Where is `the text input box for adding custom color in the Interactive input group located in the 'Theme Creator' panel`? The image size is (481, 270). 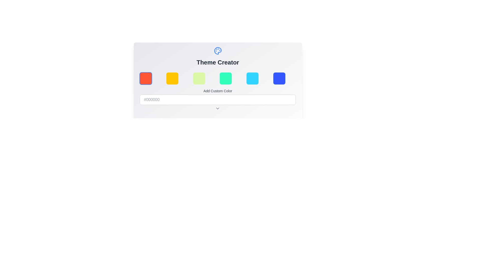 the text input box for adding custom color in the Interactive input group located in the 'Theme Creator' panel is located at coordinates (218, 95).